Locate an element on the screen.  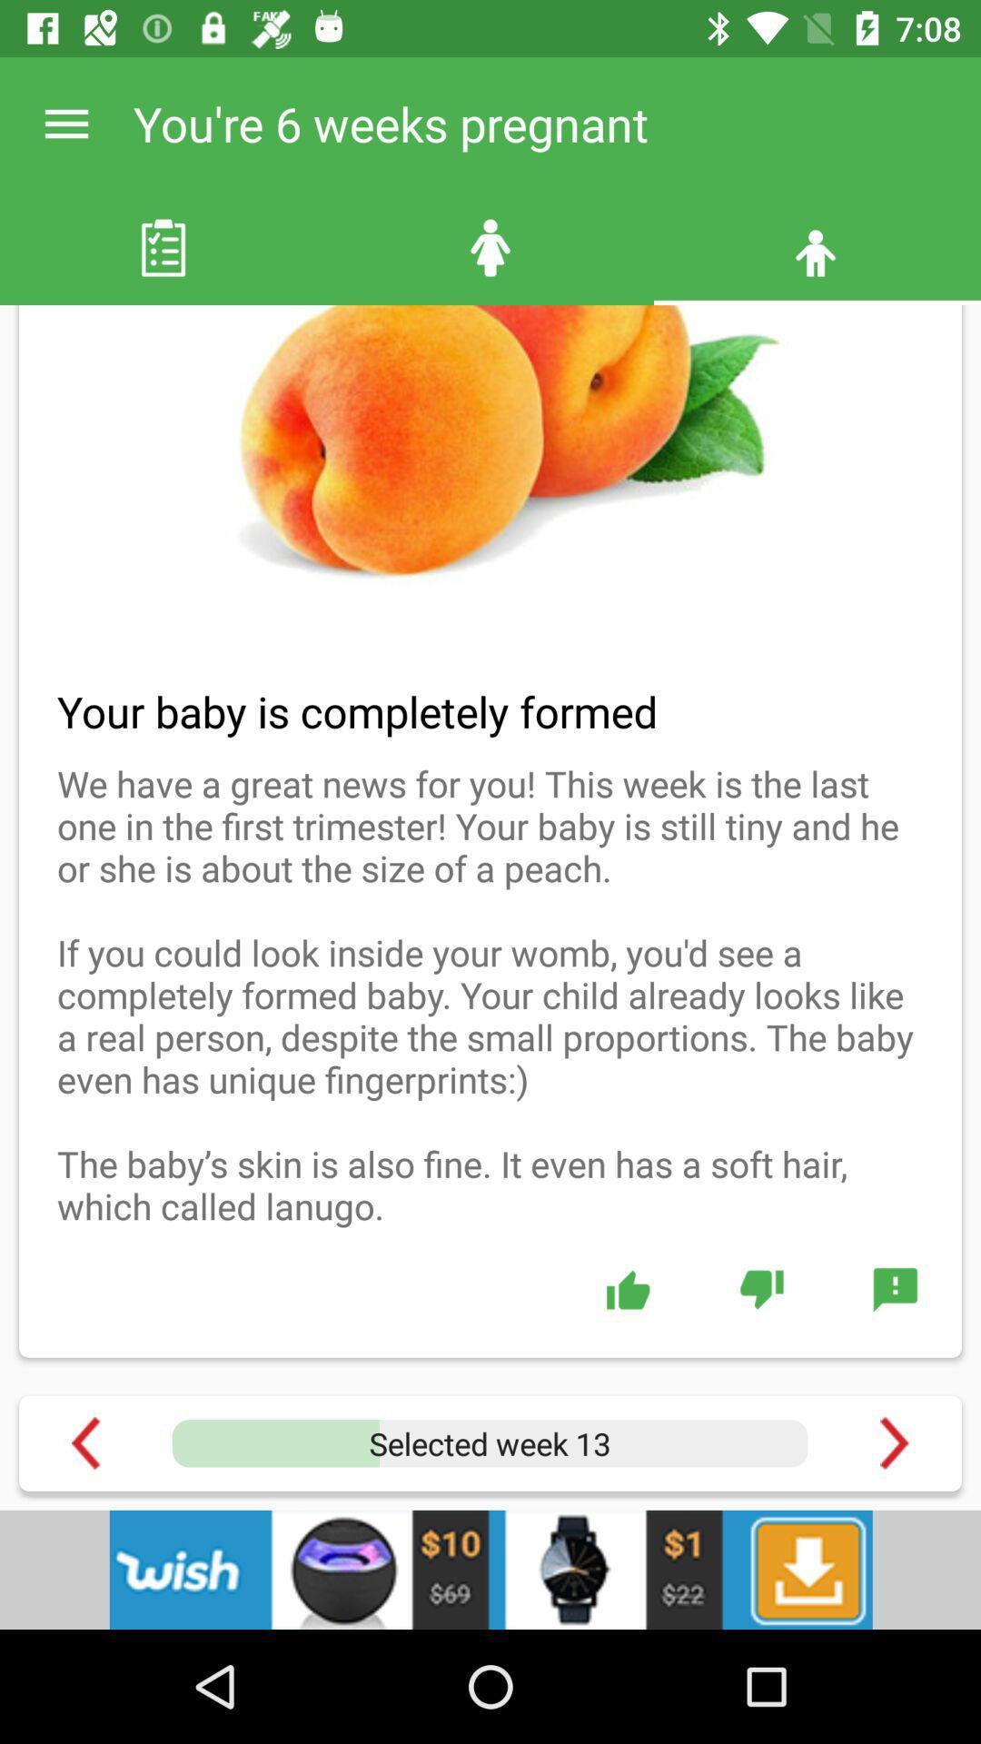
go back is located at coordinates (85, 1442).